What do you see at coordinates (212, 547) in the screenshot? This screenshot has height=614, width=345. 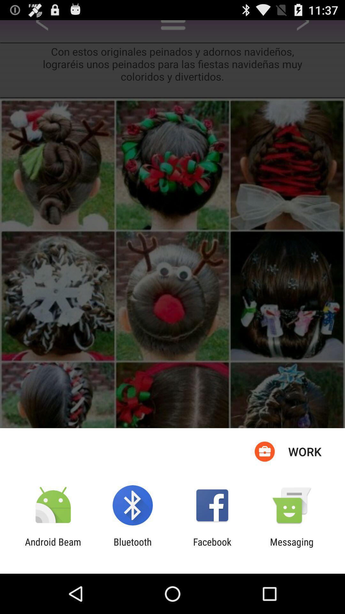 I see `facebook item` at bounding box center [212, 547].